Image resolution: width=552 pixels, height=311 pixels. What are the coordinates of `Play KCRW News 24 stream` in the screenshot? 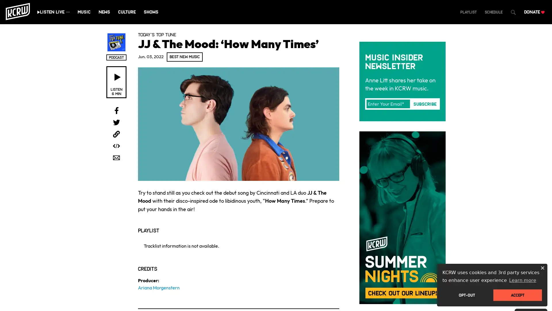 It's located at (126, 12).